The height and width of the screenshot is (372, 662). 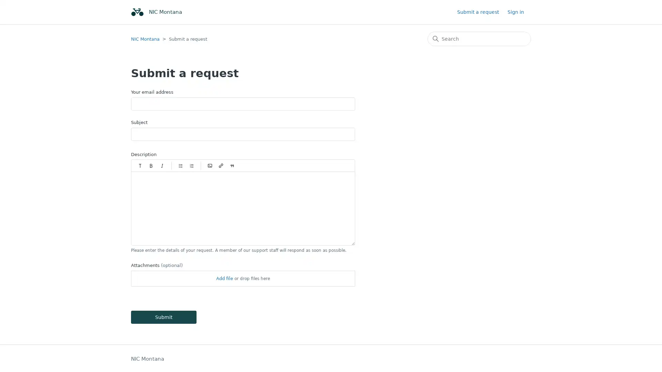 What do you see at coordinates (210, 166) in the screenshot?
I see `Code block` at bounding box center [210, 166].